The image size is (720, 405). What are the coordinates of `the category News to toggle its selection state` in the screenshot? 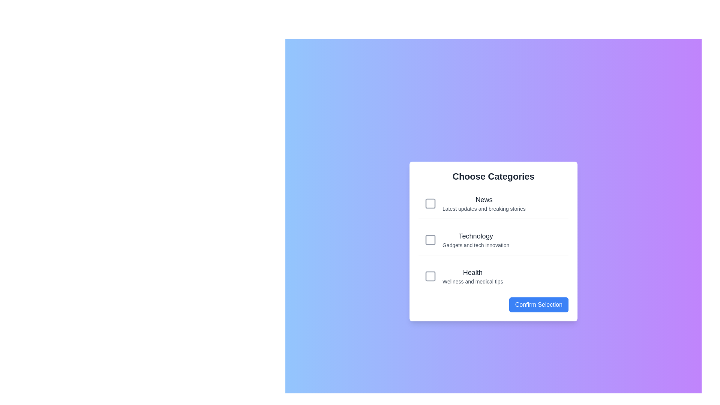 It's located at (493, 204).